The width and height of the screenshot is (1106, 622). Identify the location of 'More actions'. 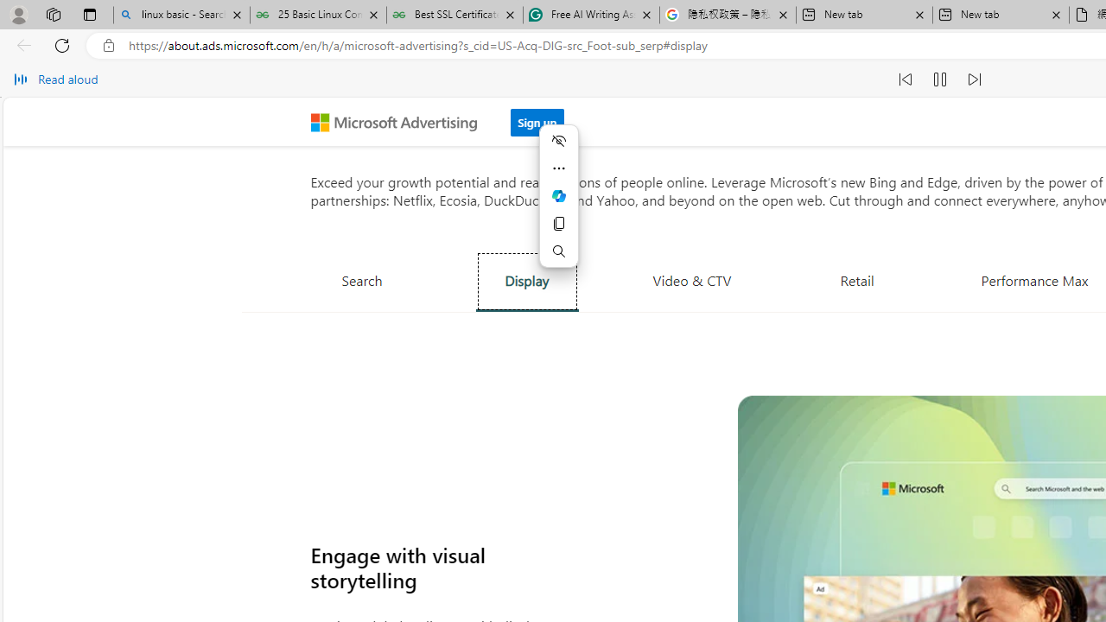
(559, 168).